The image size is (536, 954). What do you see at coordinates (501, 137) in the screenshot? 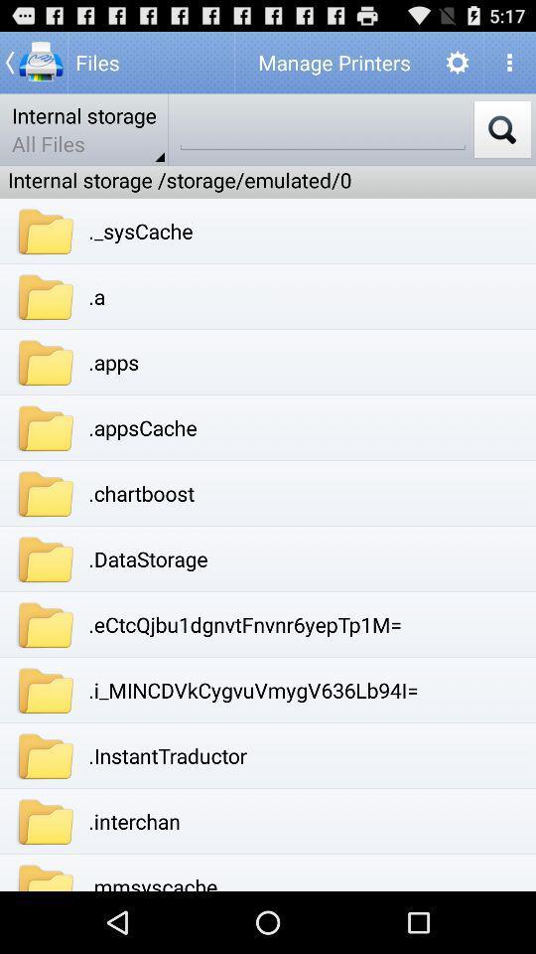
I see `the search icon` at bounding box center [501, 137].